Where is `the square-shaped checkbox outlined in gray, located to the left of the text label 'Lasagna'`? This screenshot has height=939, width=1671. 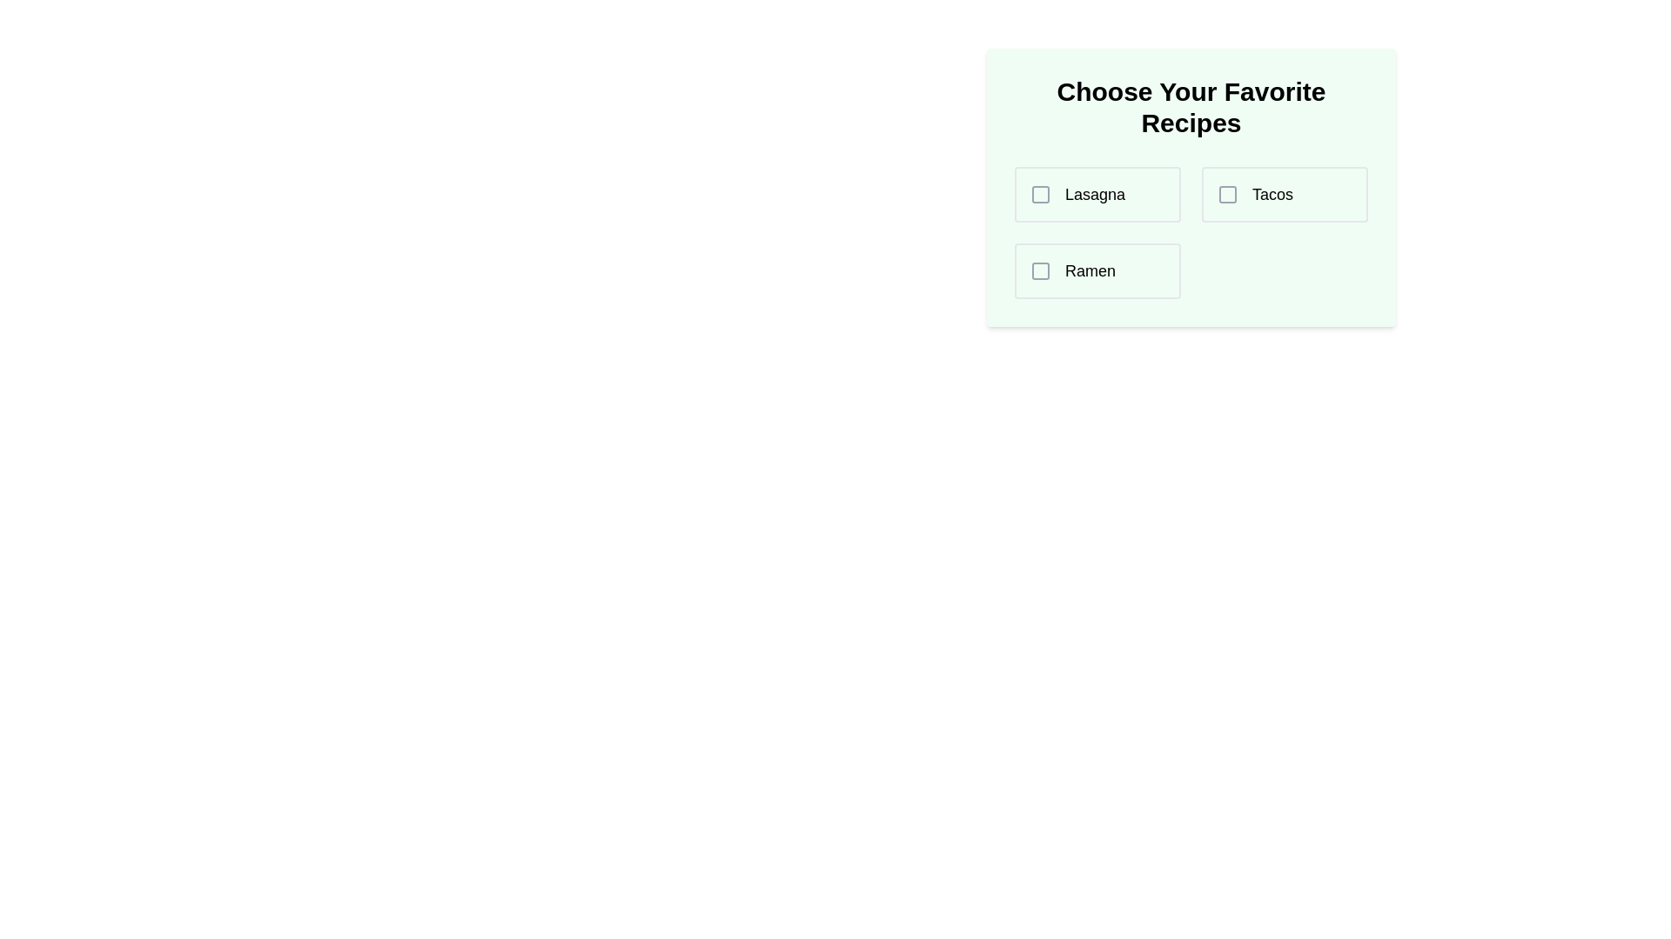 the square-shaped checkbox outlined in gray, located to the left of the text label 'Lasagna' is located at coordinates (1040, 194).